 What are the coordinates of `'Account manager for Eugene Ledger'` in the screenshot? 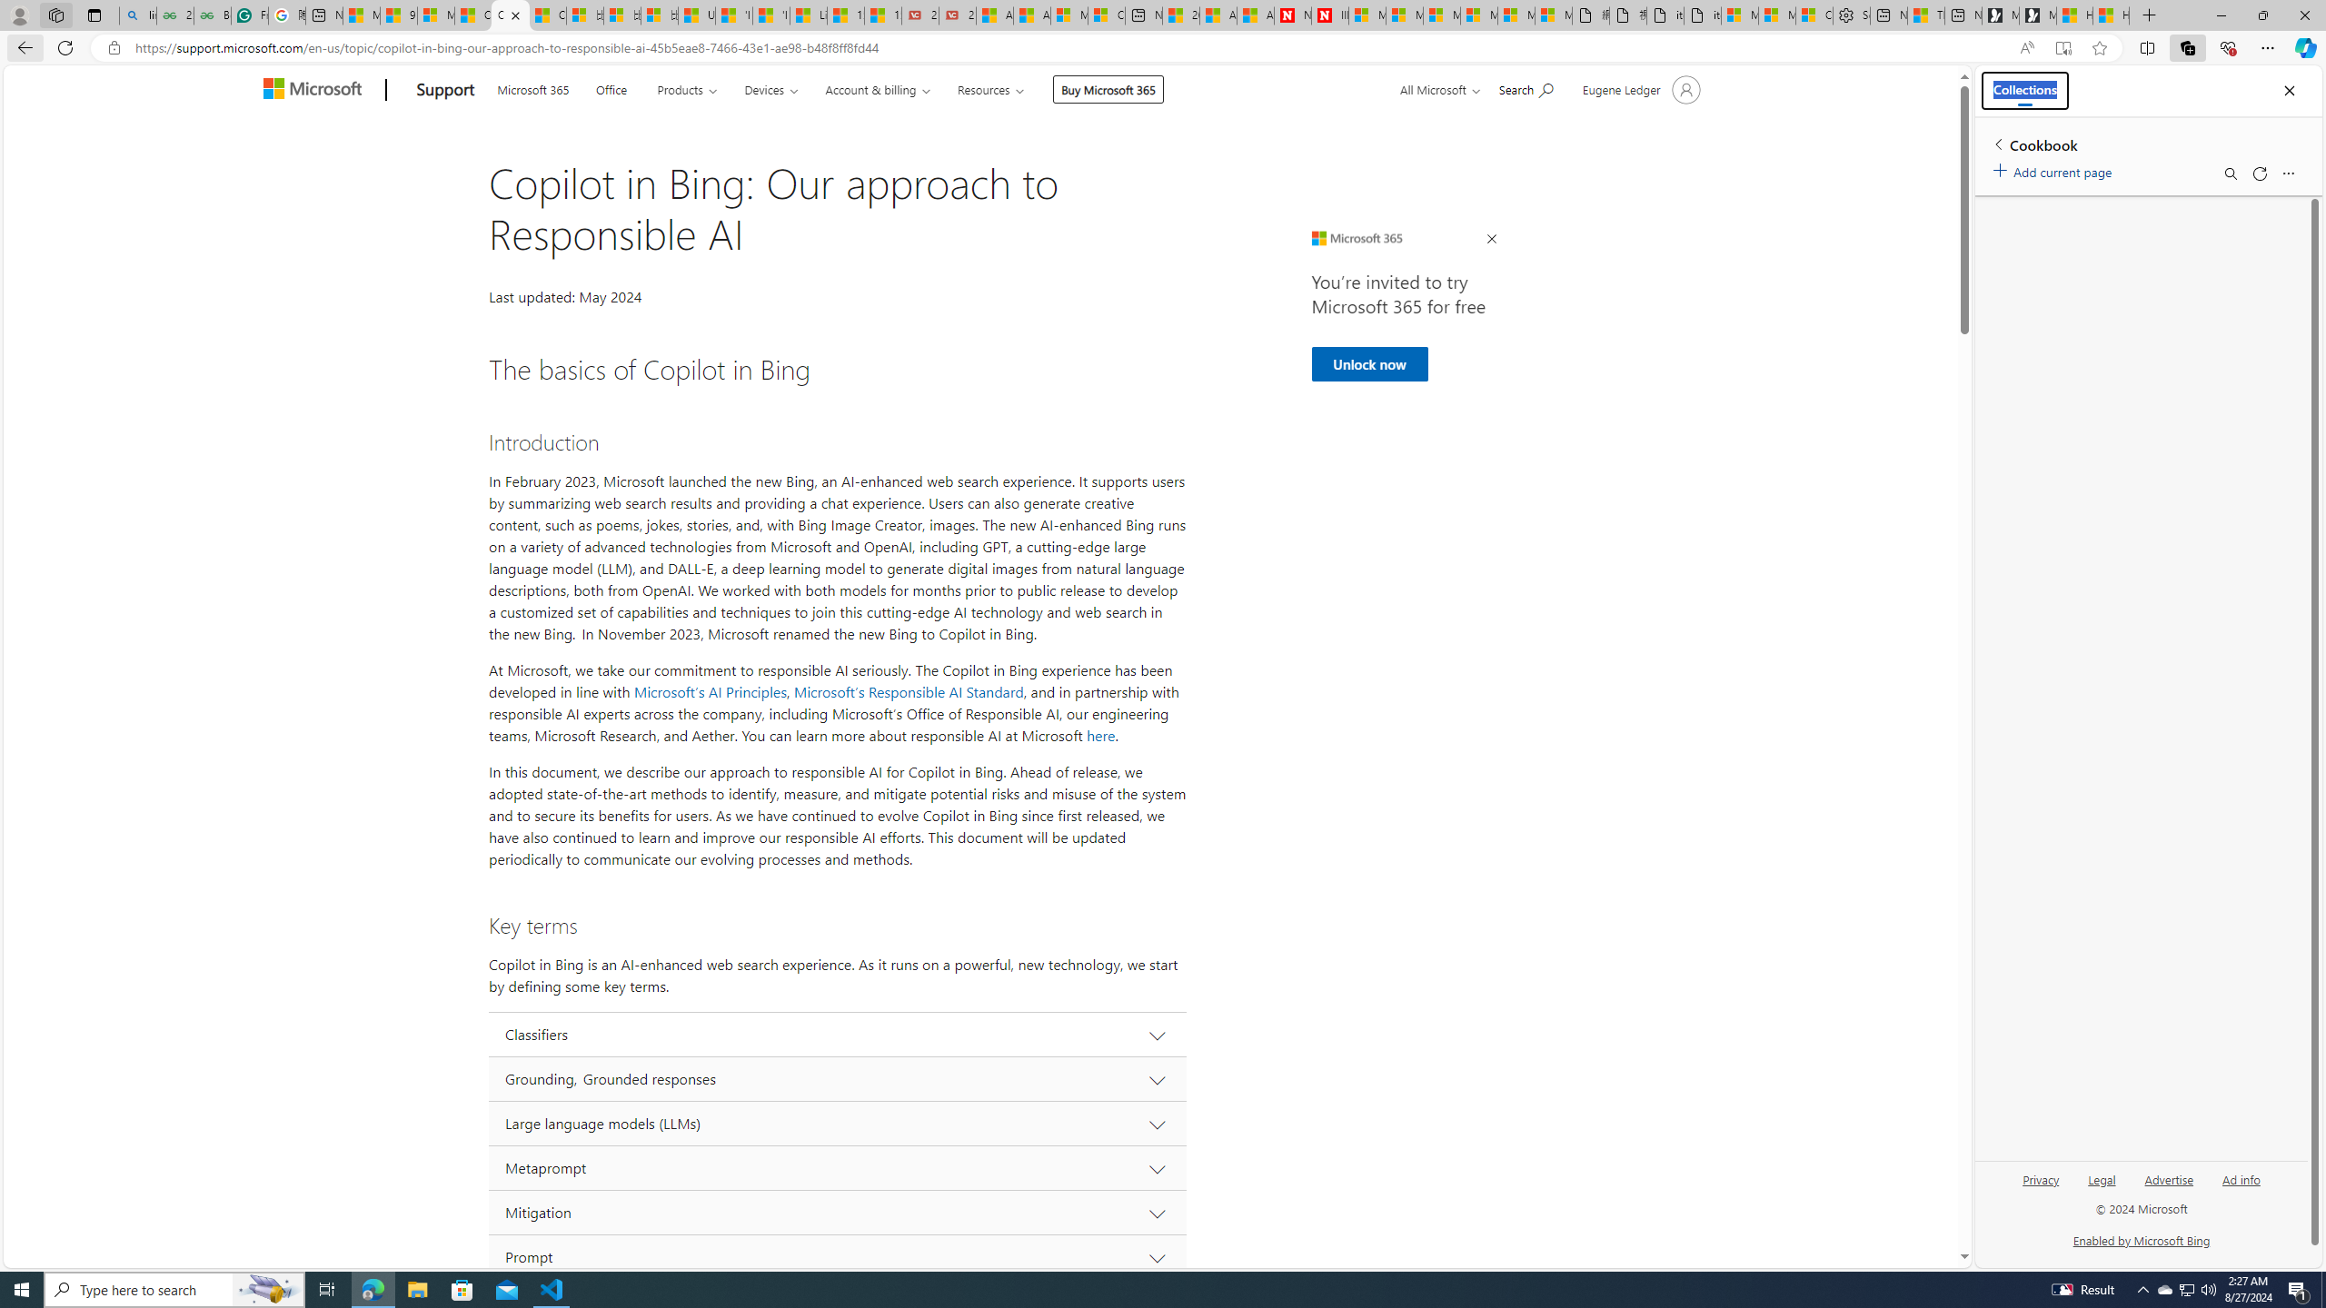 It's located at (1637, 88).